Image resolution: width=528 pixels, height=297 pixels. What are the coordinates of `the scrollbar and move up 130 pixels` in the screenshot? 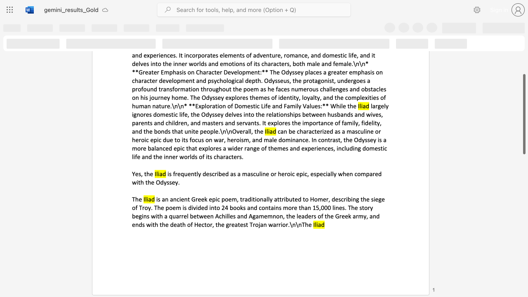 It's located at (523, 114).